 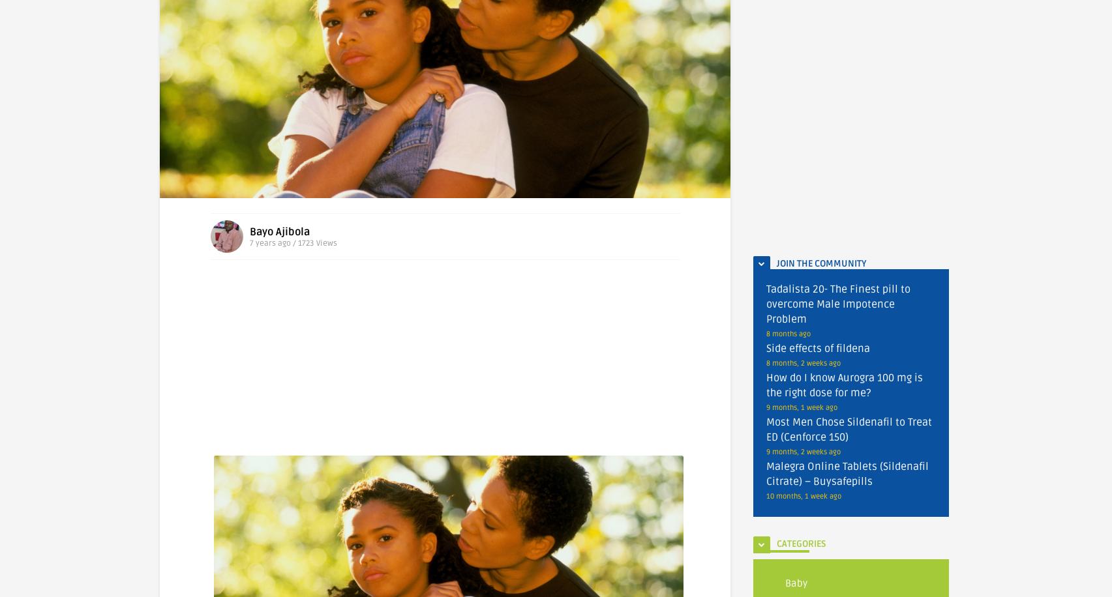 I want to click on 'Baby', so click(x=796, y=583).